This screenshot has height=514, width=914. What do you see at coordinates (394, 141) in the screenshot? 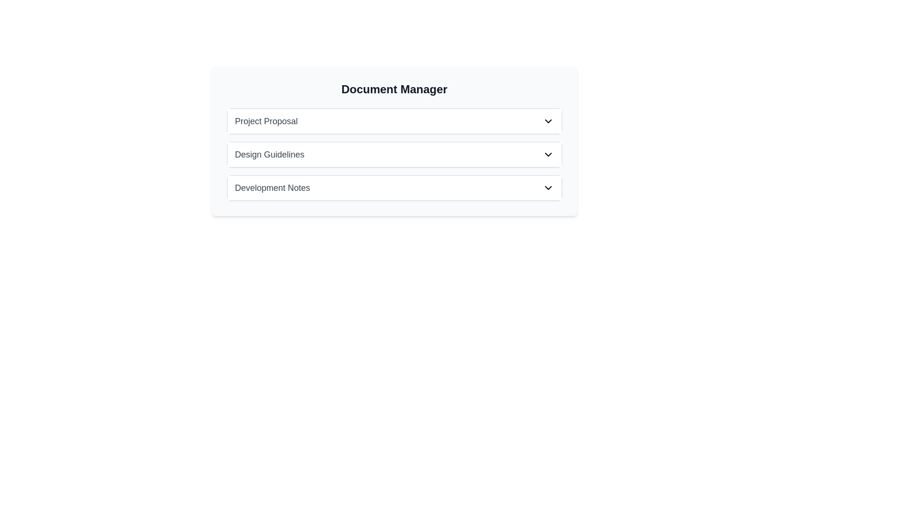
I see `any of the rows in the 'Document Manager' card component` at bounding box center [394, 141].